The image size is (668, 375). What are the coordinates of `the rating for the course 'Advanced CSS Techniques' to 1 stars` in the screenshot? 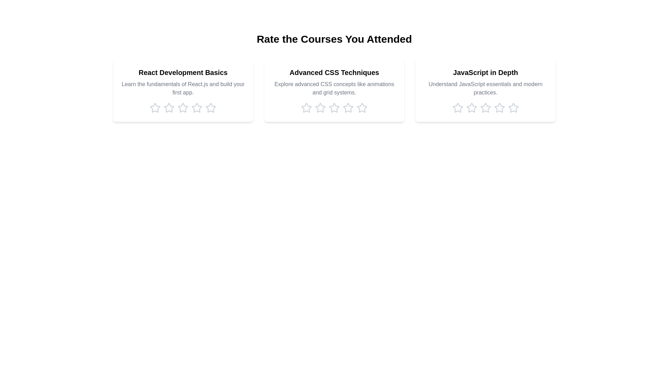 It's located at (306, 108).